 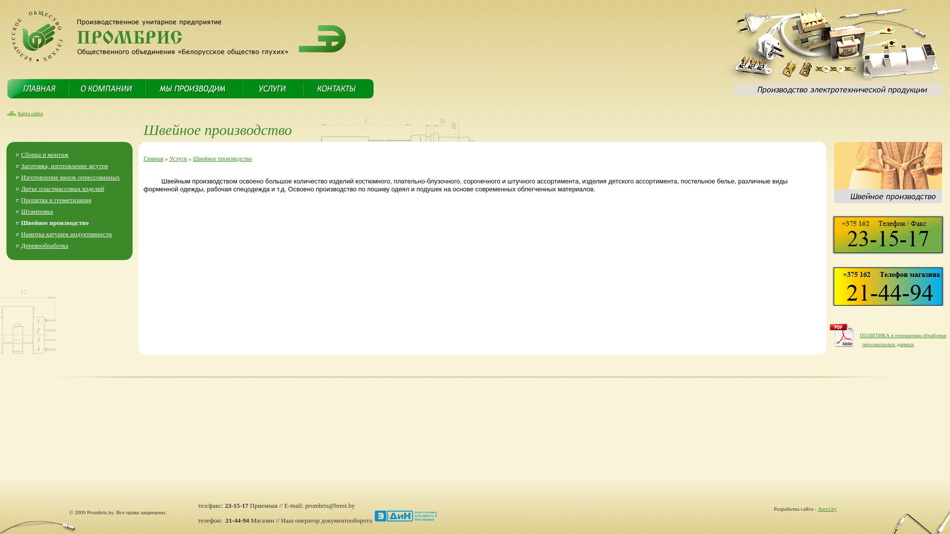 What do you see at coordinates (406, 516) in the screenshot?
I see `'edn.png'` at bounding box center [406, 516].